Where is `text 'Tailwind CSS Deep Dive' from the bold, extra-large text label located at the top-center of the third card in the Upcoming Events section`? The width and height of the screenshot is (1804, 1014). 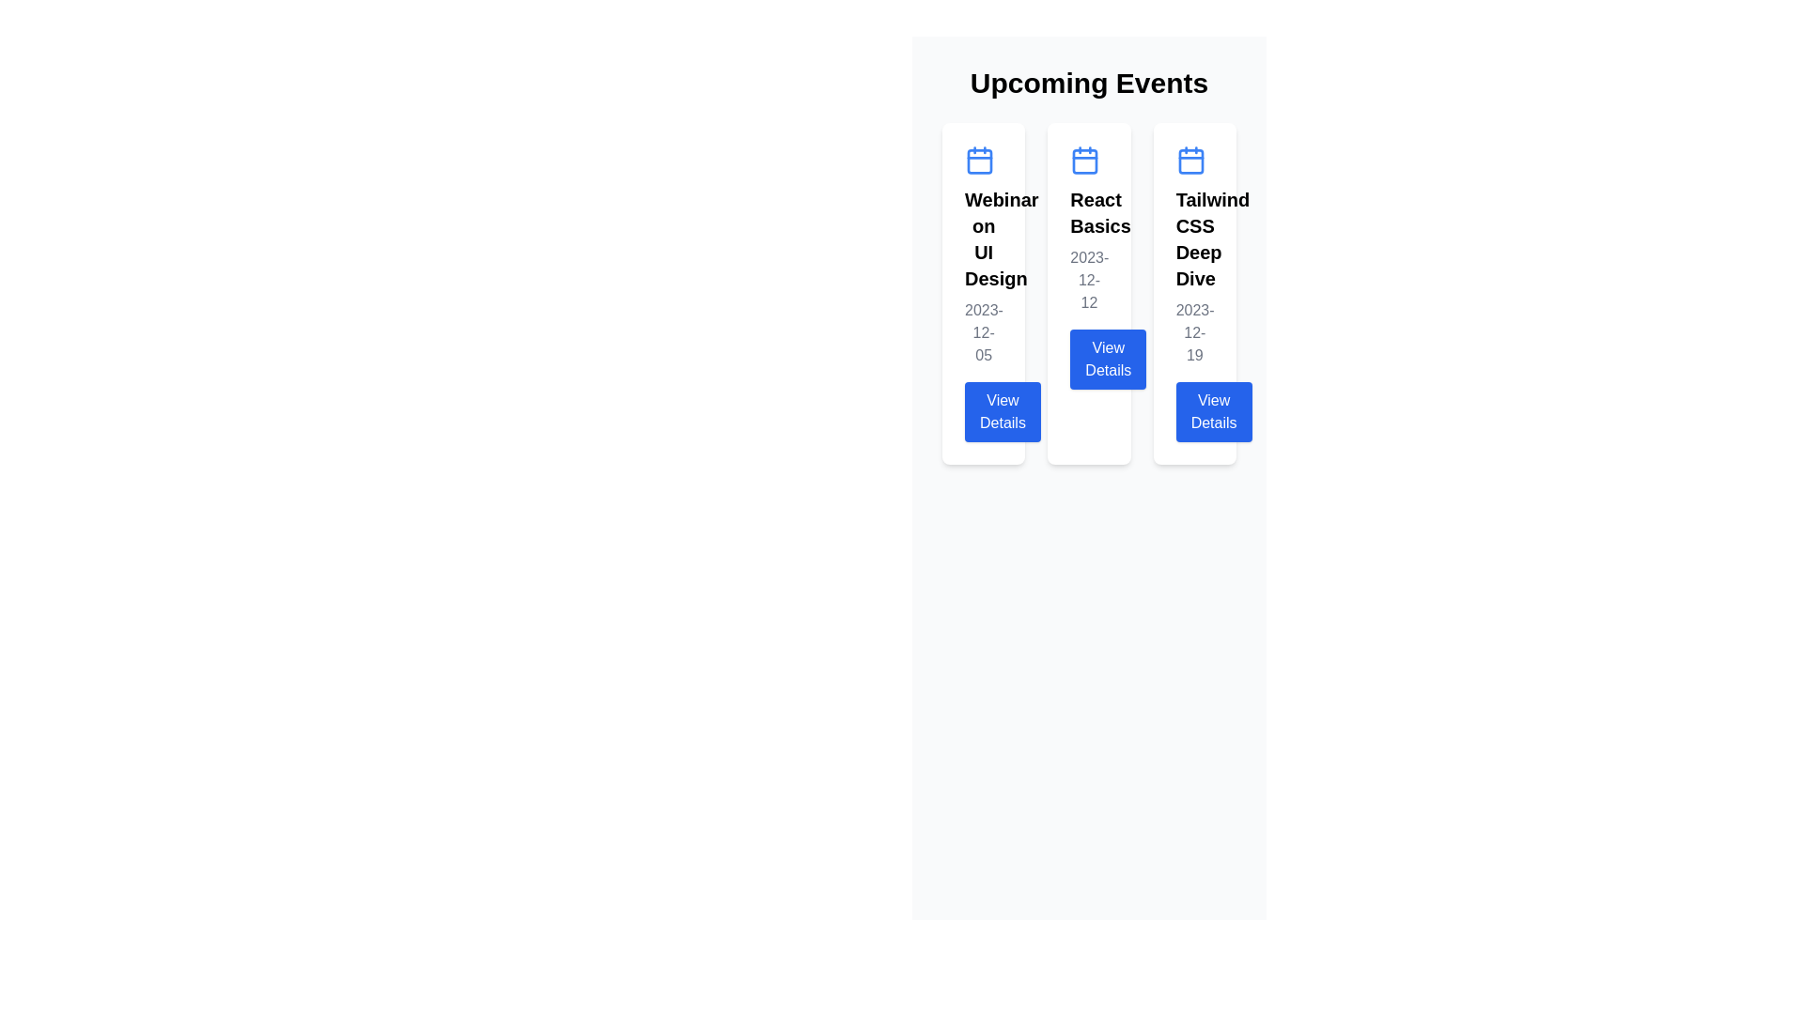
text 'Tailwind CSS Deep Dive' from the bold, extra-large text label located at the top-center of the third card in the Upcoming Events section is located at coordinates (1193, 238).